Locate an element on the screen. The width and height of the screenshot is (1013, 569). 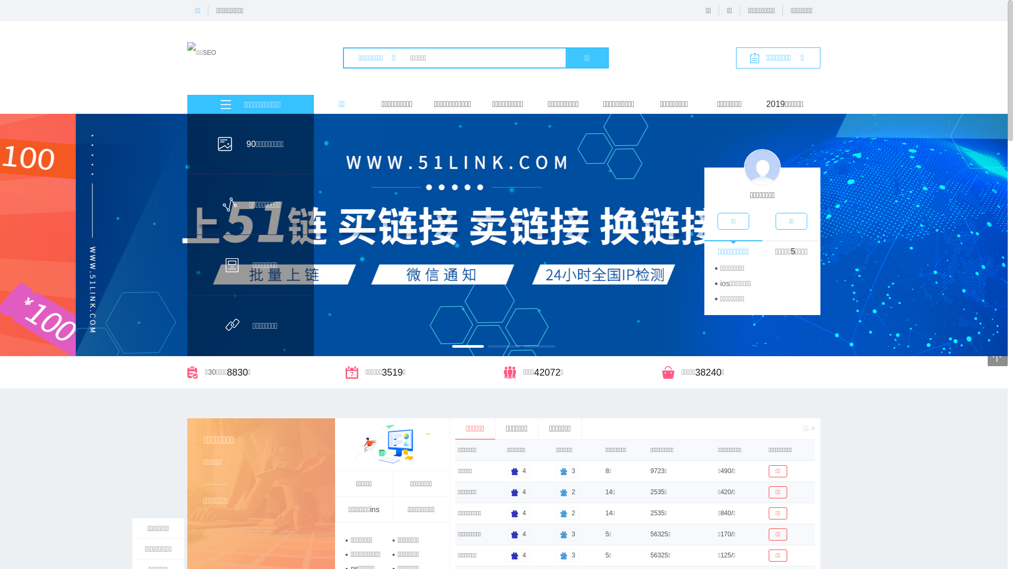
'4' is located at coordinates (519, 554).